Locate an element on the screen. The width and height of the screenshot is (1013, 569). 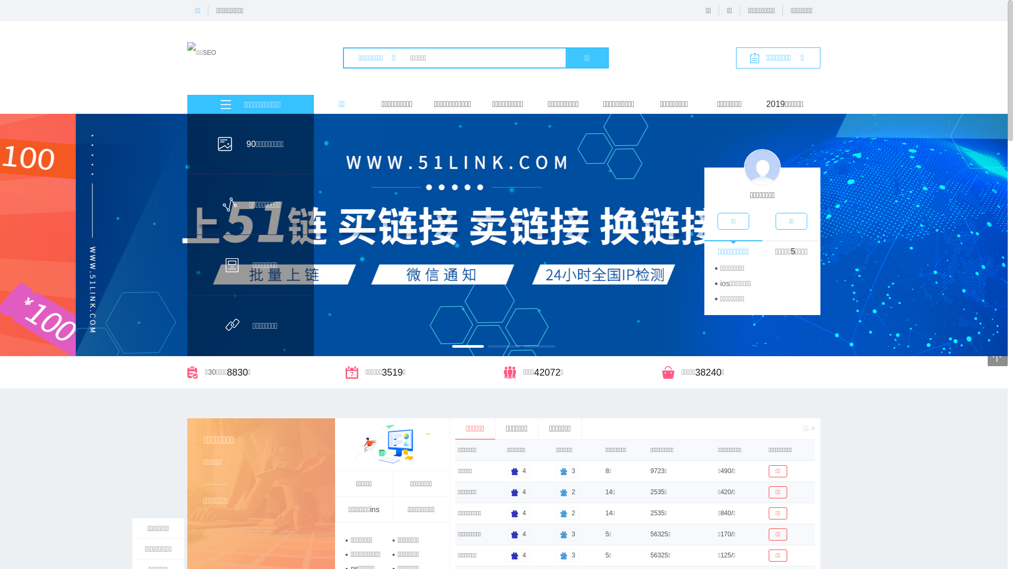
'4' is located at coordinates (519, 554).